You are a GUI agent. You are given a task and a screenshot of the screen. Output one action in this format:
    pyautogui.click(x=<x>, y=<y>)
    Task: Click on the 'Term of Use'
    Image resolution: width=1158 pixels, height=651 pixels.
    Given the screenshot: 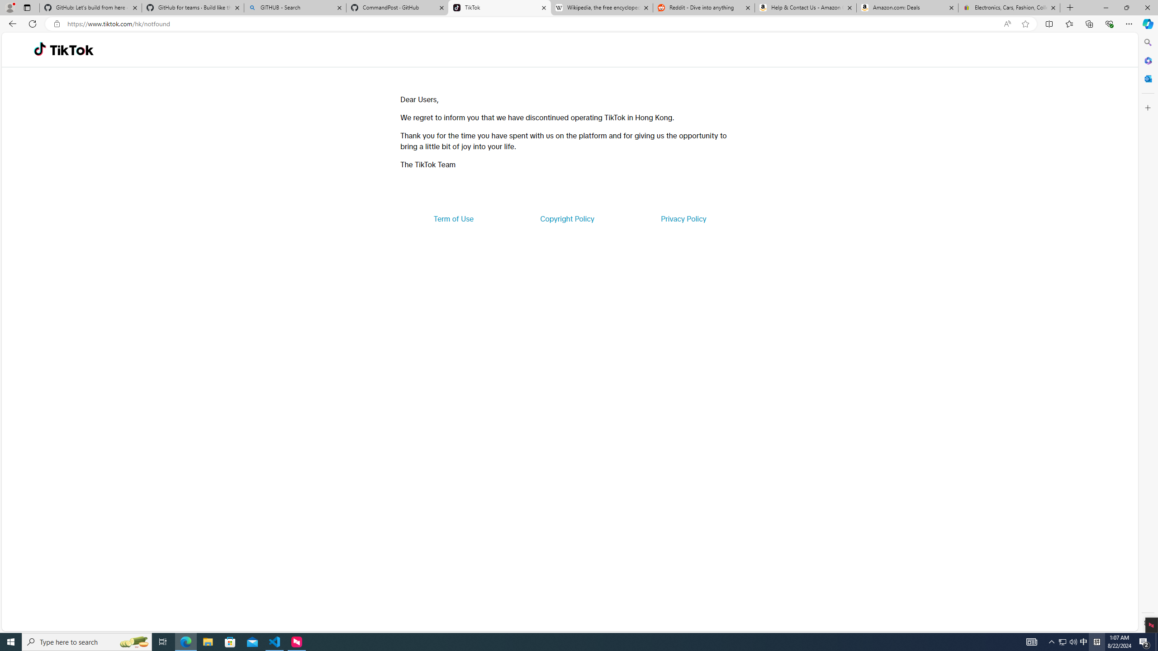 What is the action you would take?
    pyautogui.click(x=453, y=218)
    